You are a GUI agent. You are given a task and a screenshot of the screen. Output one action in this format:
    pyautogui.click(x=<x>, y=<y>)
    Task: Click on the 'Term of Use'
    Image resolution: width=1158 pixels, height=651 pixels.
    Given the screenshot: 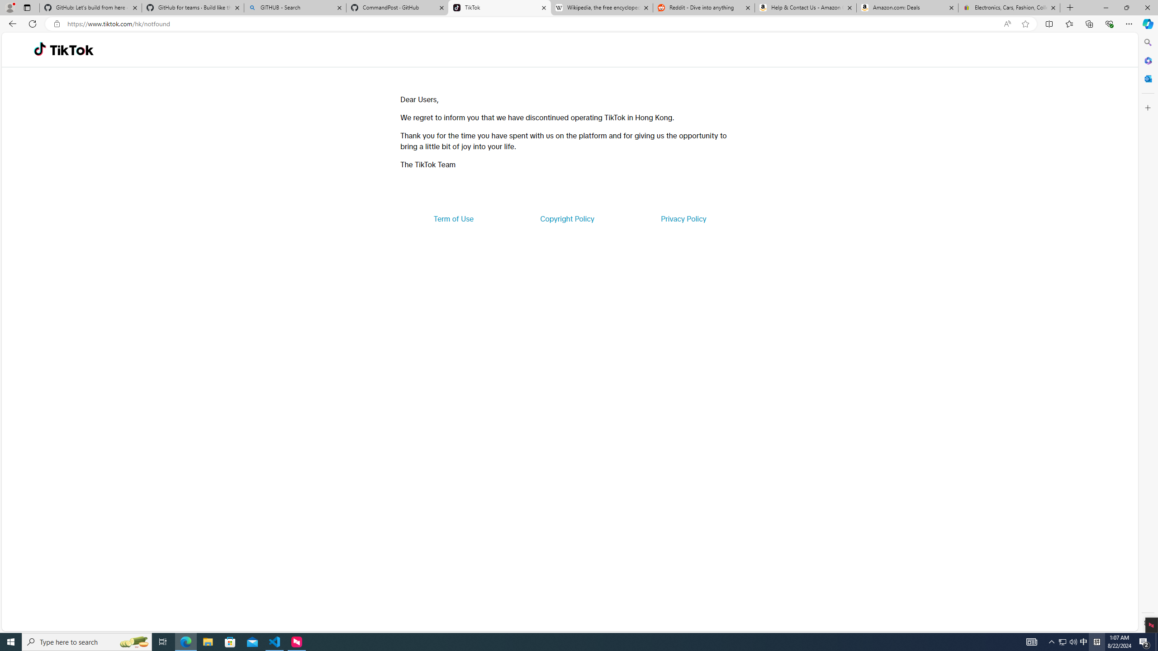 What is the action you would take?
    pyautogui.click(x=453, y=218)
    